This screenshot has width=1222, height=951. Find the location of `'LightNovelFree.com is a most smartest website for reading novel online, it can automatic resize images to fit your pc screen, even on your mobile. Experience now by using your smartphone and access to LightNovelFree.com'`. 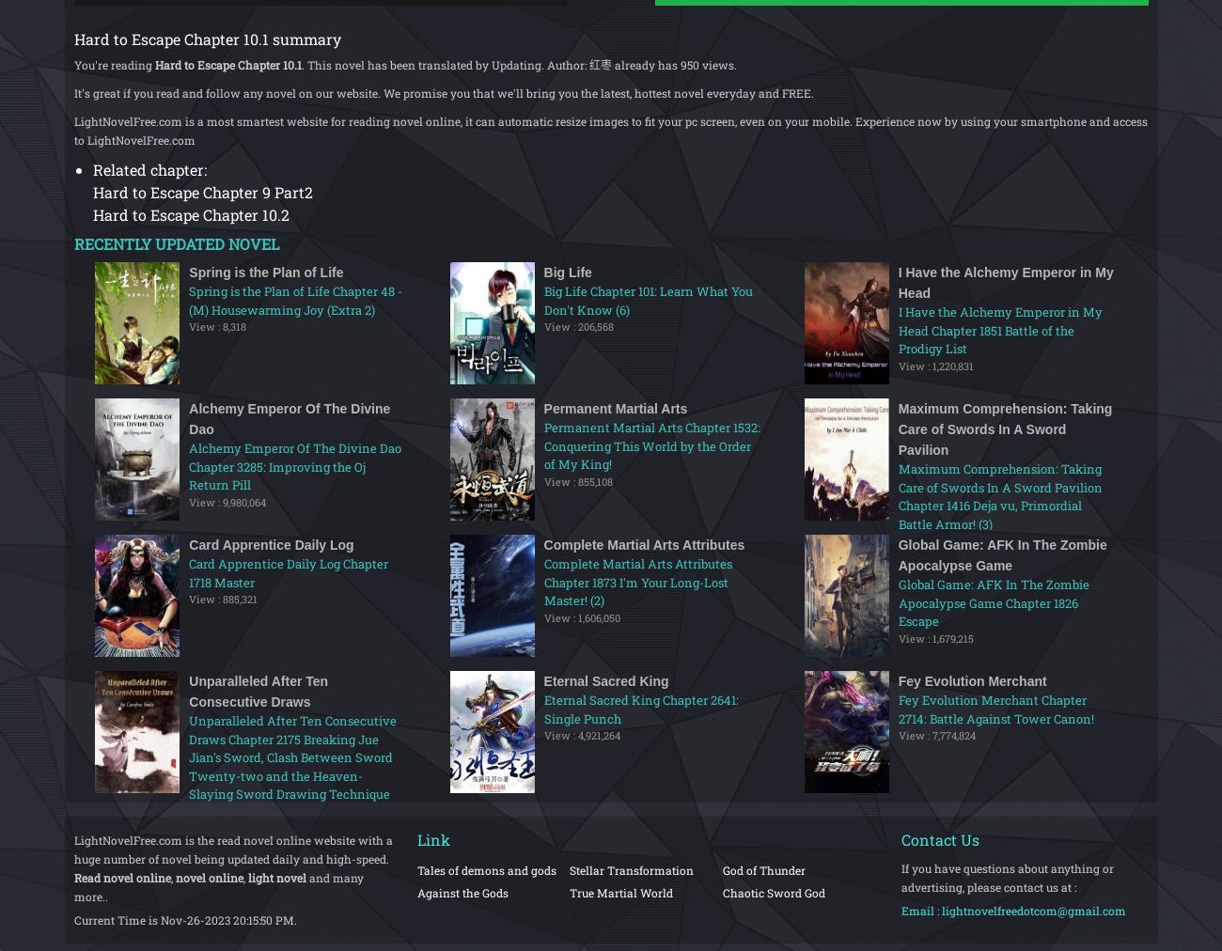

'LightNovelFree.com is a most smartest website for reading novel online, it can automatic resize images to fit your pc screen, even on your mobile. Experience now by using your smartphone and access to LightNovelFree.com' is located at coordinates (73, 131).